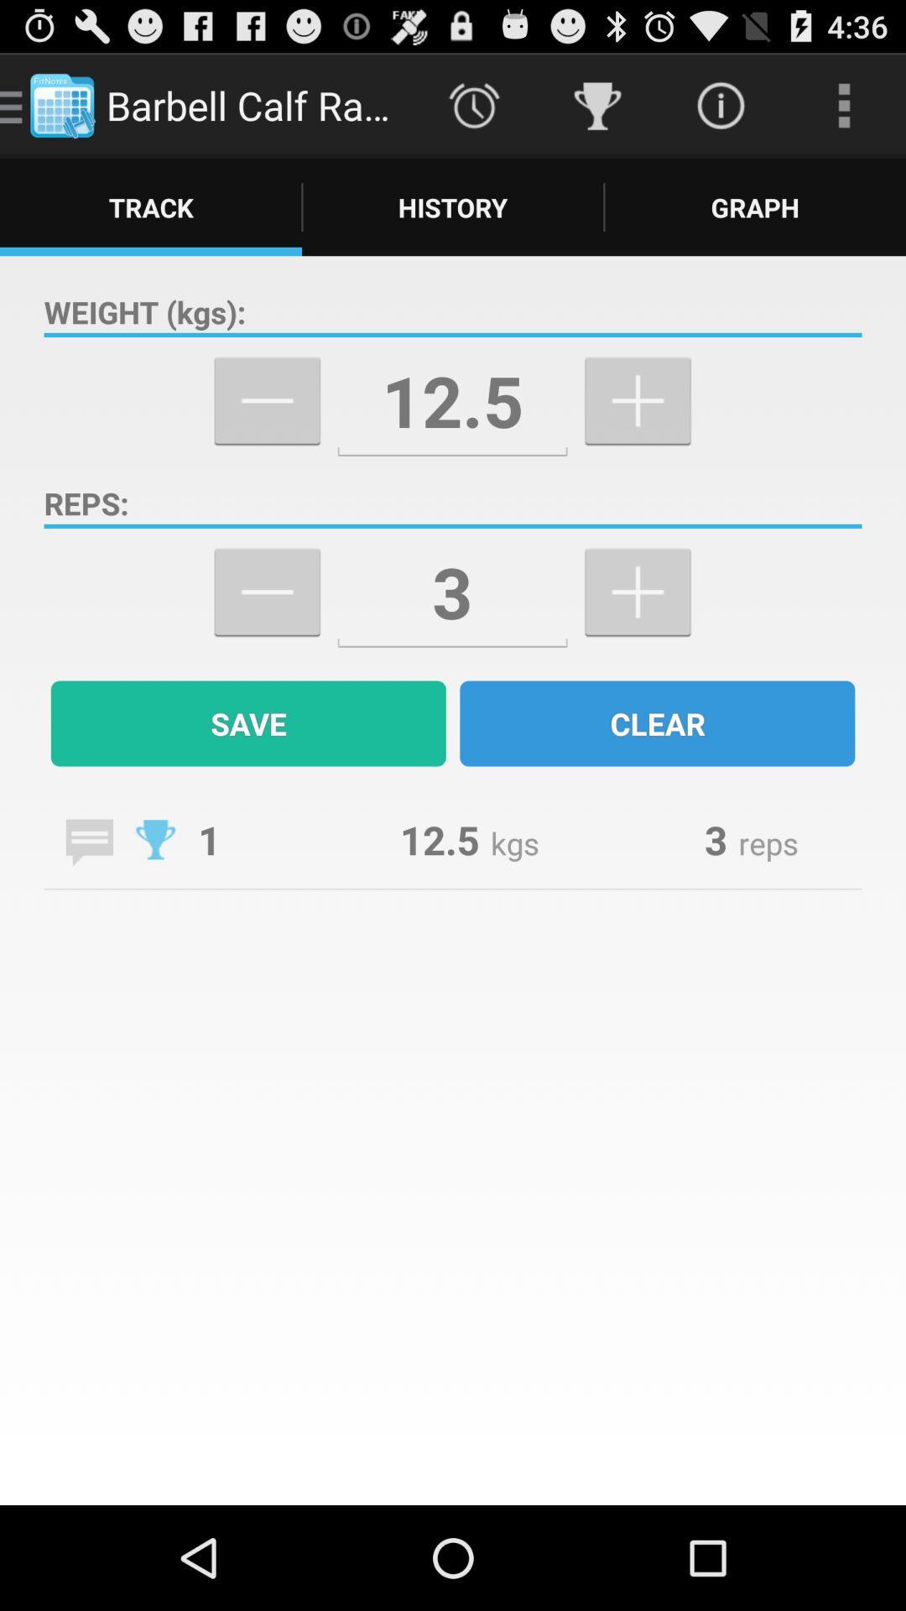 The width and height of the screenshot is (906, 1611). What do you see at coordinates (155, 839) in the screenshot?
I see `see achievements` at bounding box center [155, 839].